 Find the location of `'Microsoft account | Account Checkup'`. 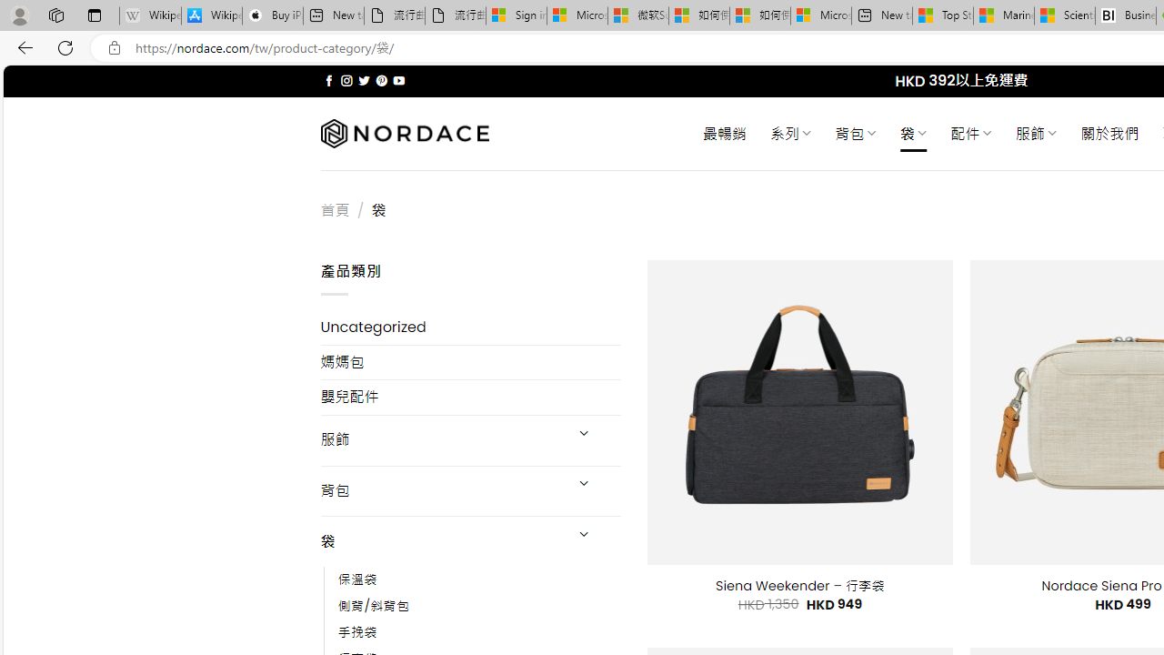

'Microsoft account | Account Checkup' is located at coordinates (820, 15).